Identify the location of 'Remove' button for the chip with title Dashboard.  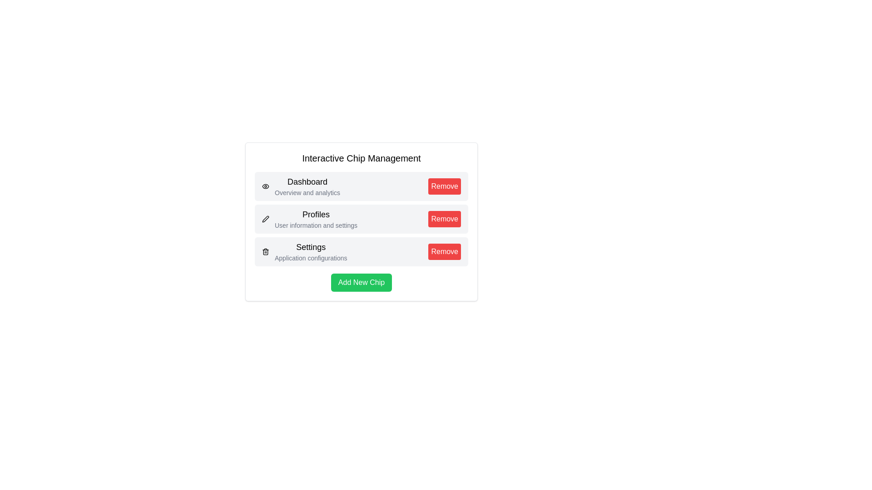
(445, 186).